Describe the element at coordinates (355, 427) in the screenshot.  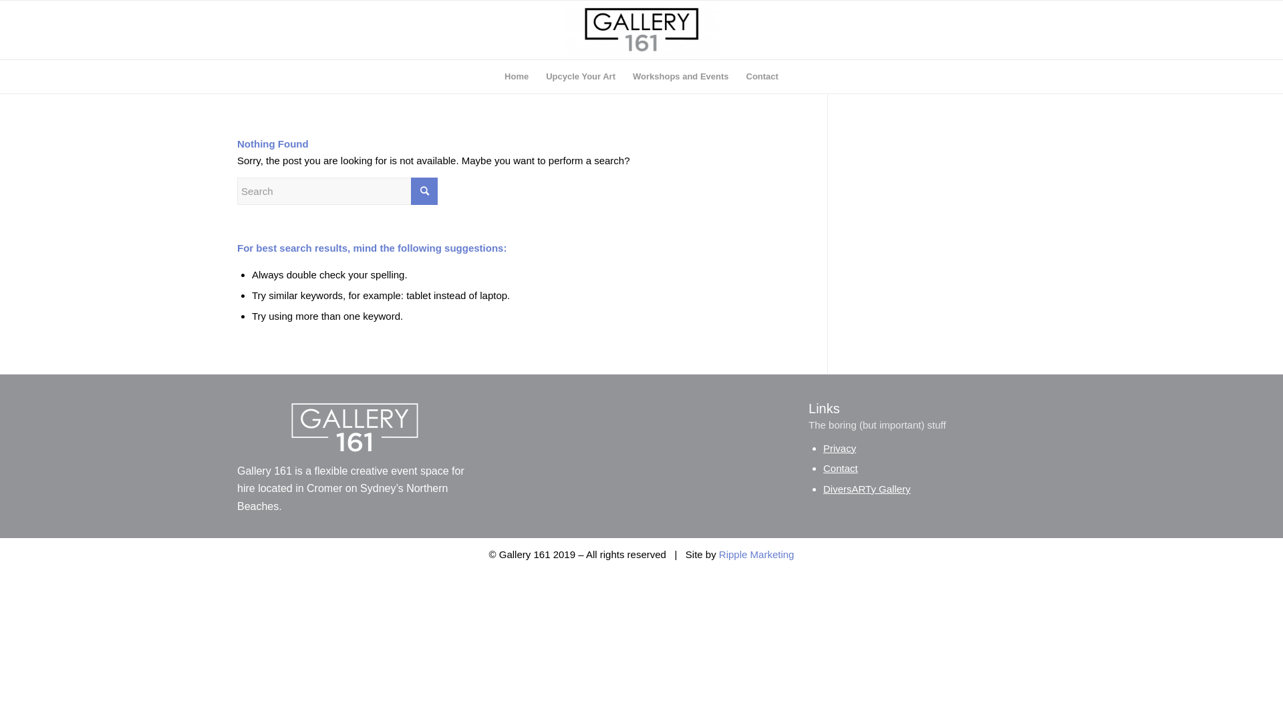
I see `'Logo white-01'` at that location.